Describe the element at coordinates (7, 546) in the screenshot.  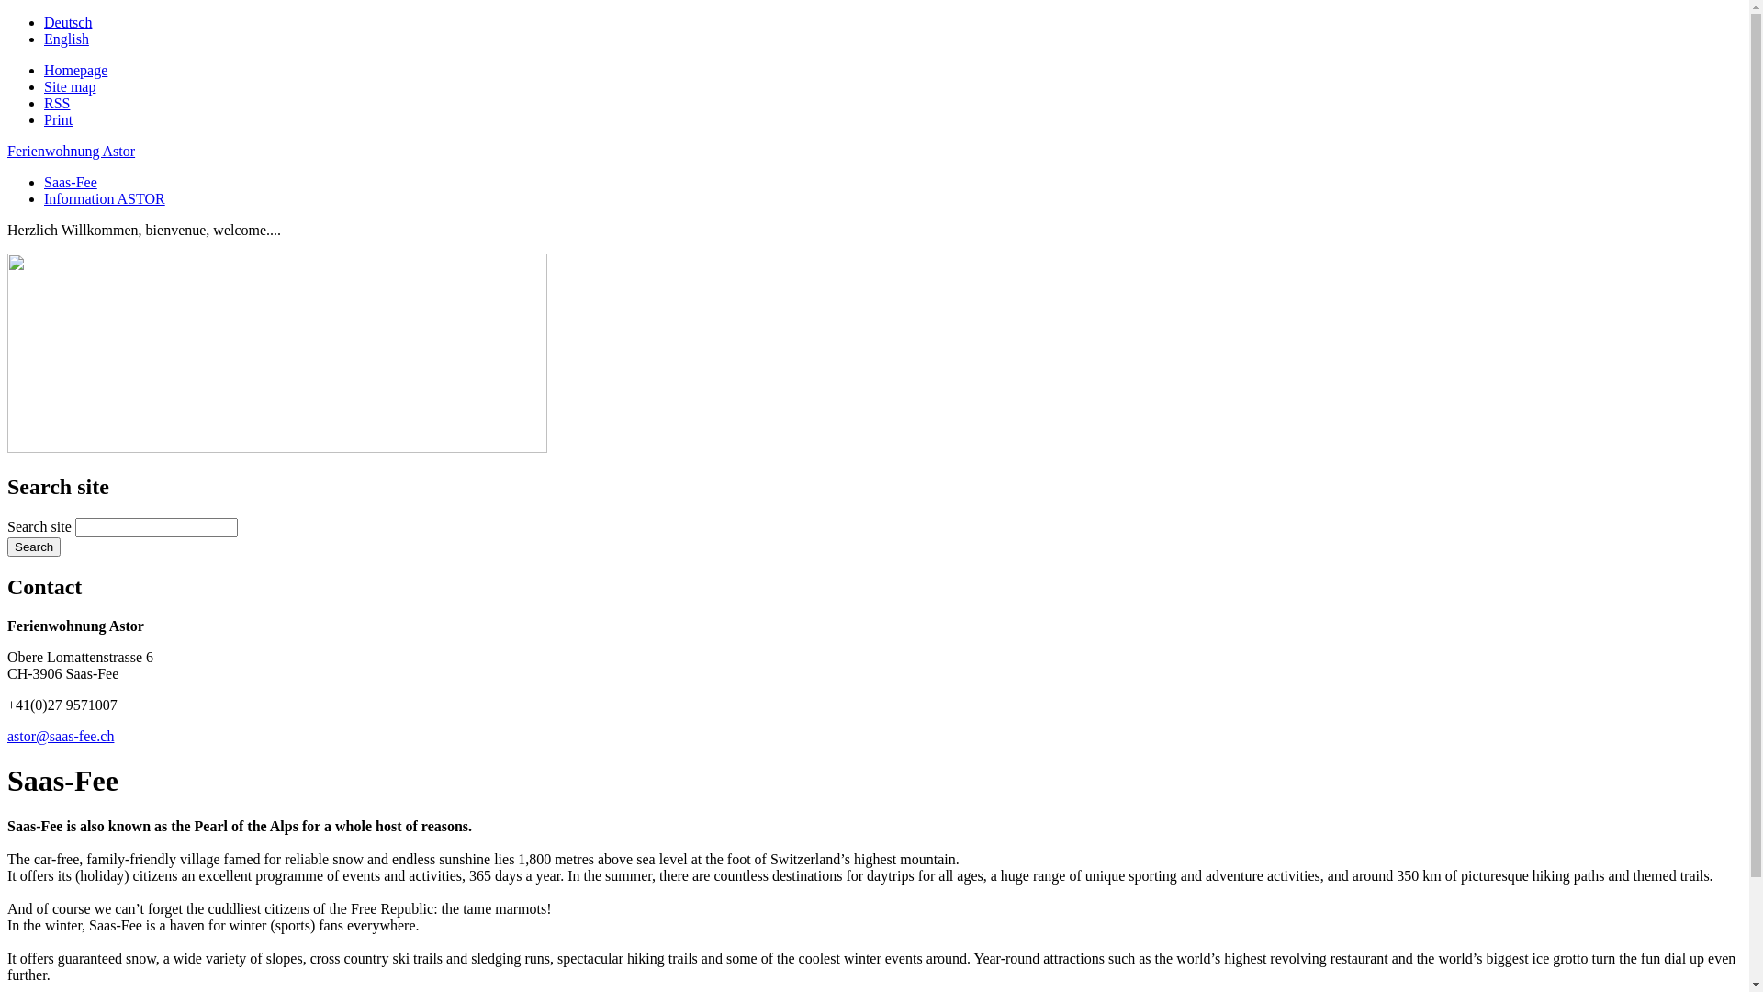
I see `'Search'` at that location.